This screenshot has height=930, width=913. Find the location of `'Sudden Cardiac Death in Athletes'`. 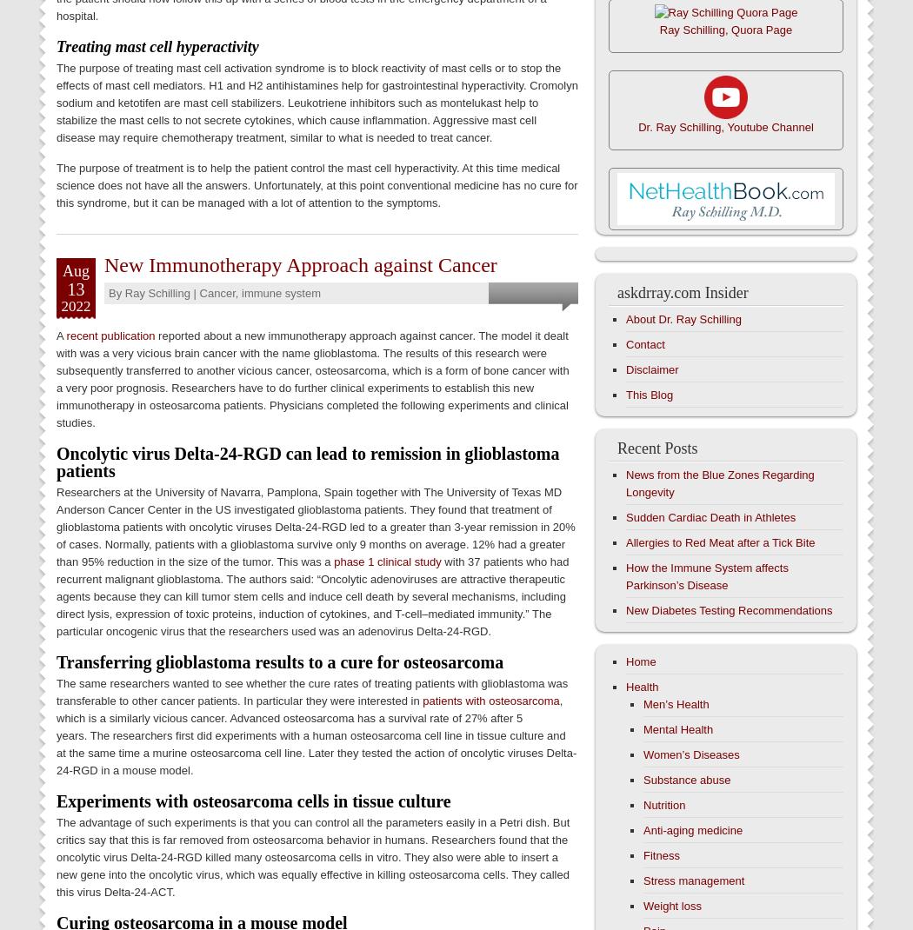

'Sudden Cardiac Death in Athletes' is located at coordinates (710, 516).